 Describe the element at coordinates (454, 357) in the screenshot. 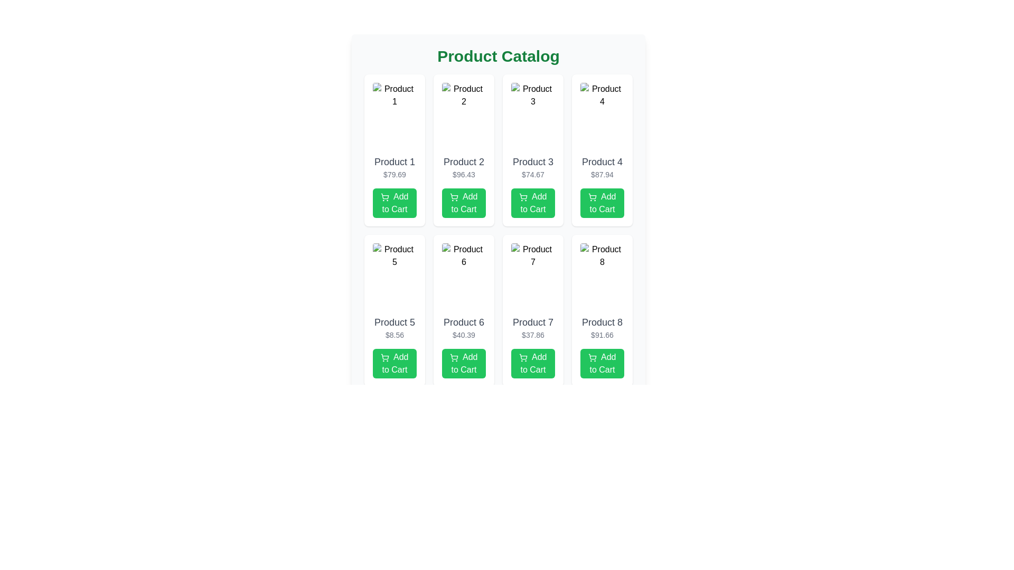

I see `the shopping cart icon, which is styled in line art design and located to the left of the 'Add to Cart' text on a green button` at that location.